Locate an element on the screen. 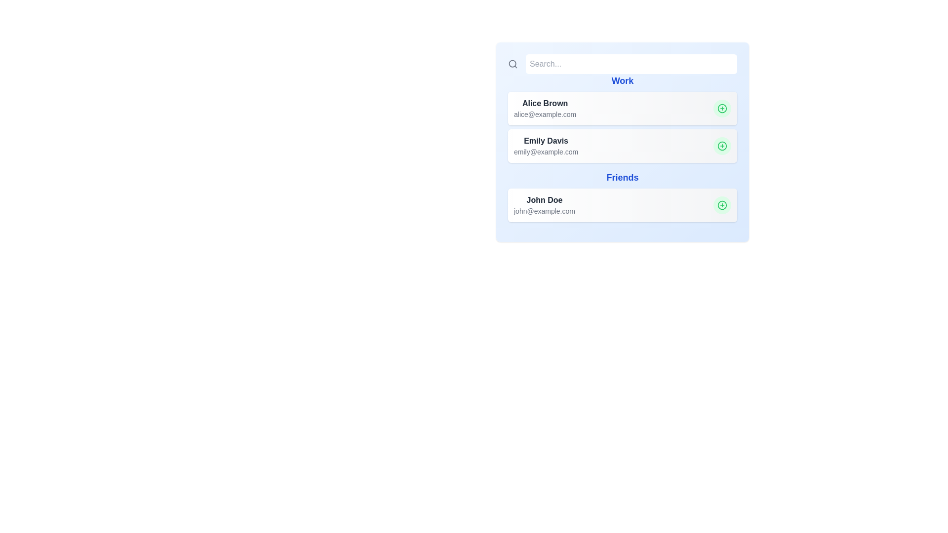  green button next to the contact named John Doe is located at coordinates (722, 205).